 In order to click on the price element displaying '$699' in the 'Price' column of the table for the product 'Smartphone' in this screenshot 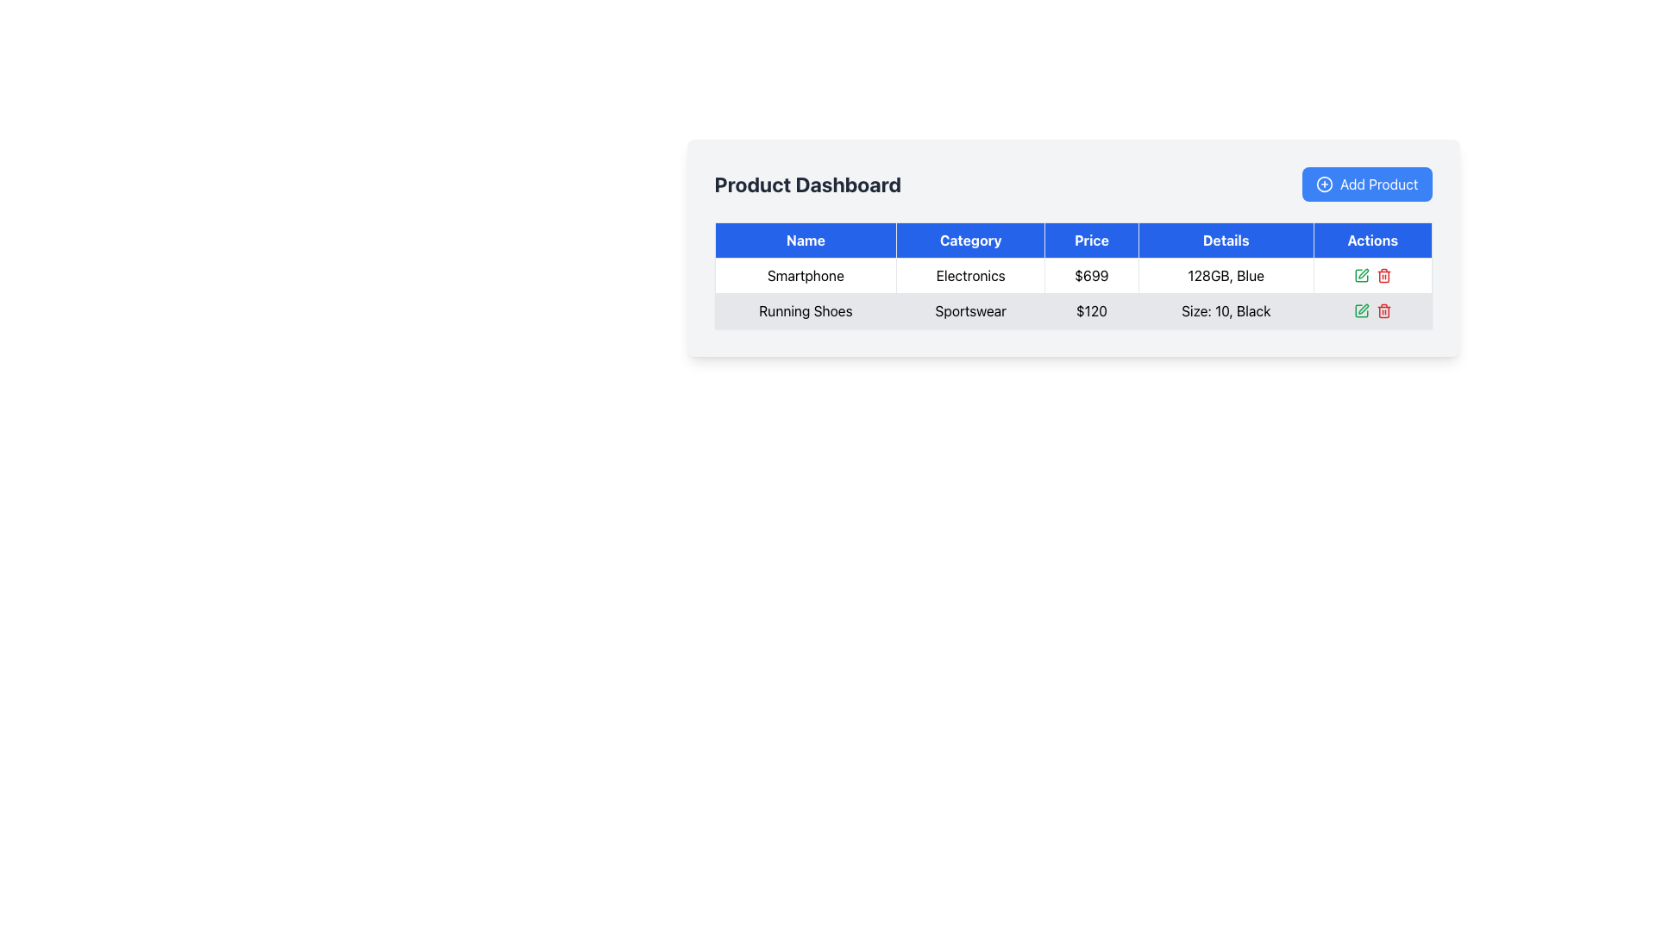, I will do `click(1090, 275)`.